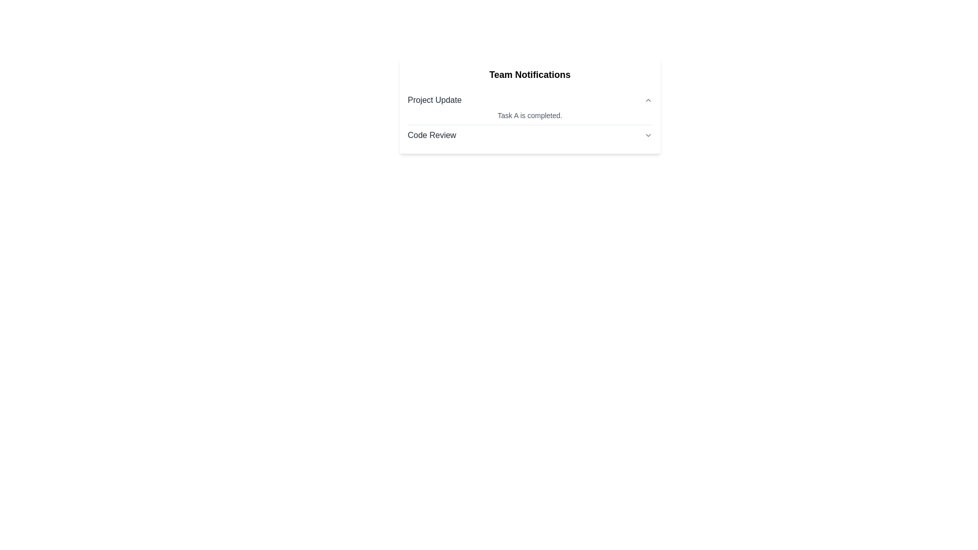 The image size is (978, 550). I want to click on the list item titled 'Project Update' that contains the description 'Task A is completed.', so click(530, 117).